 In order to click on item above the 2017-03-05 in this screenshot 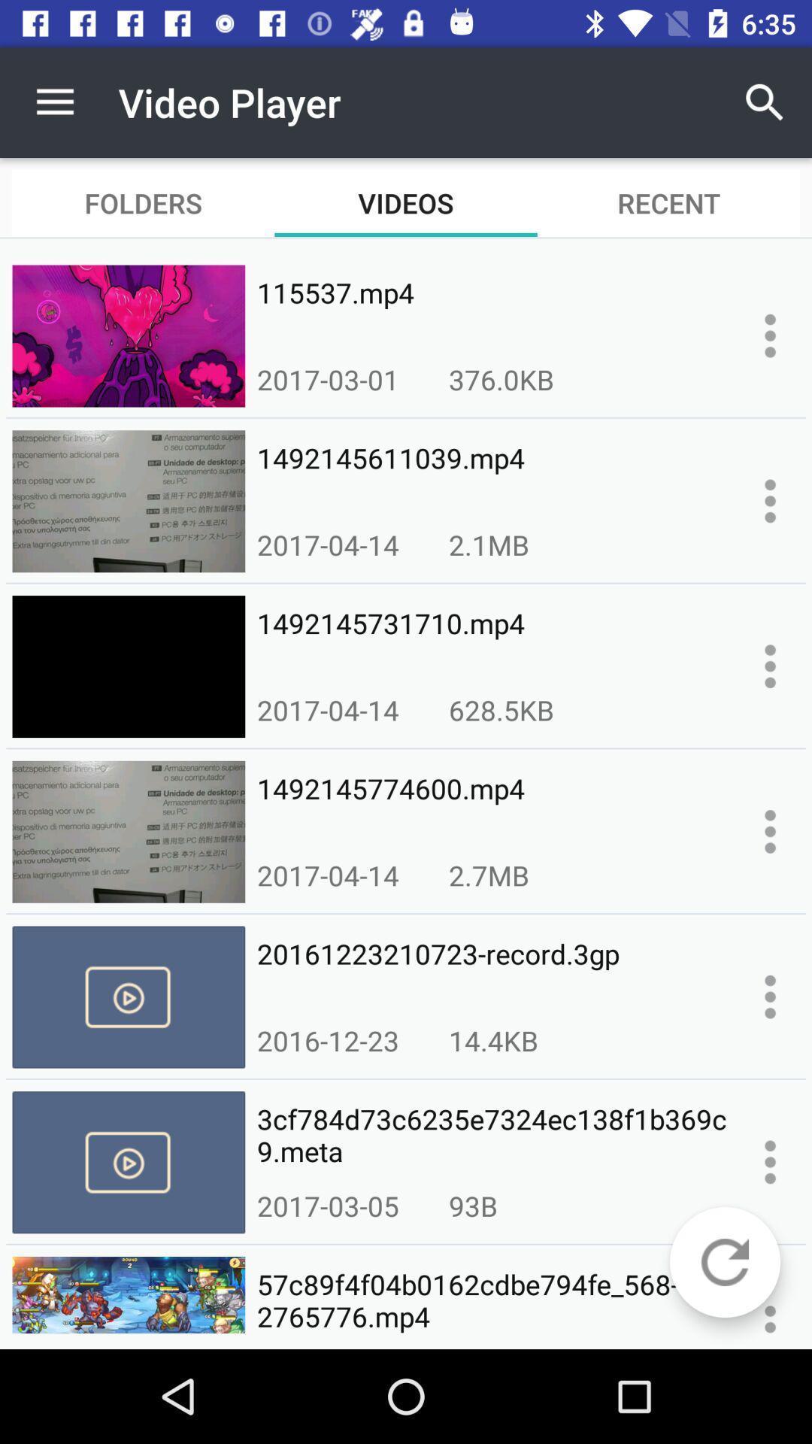, I will do `click(492, 1136)`.